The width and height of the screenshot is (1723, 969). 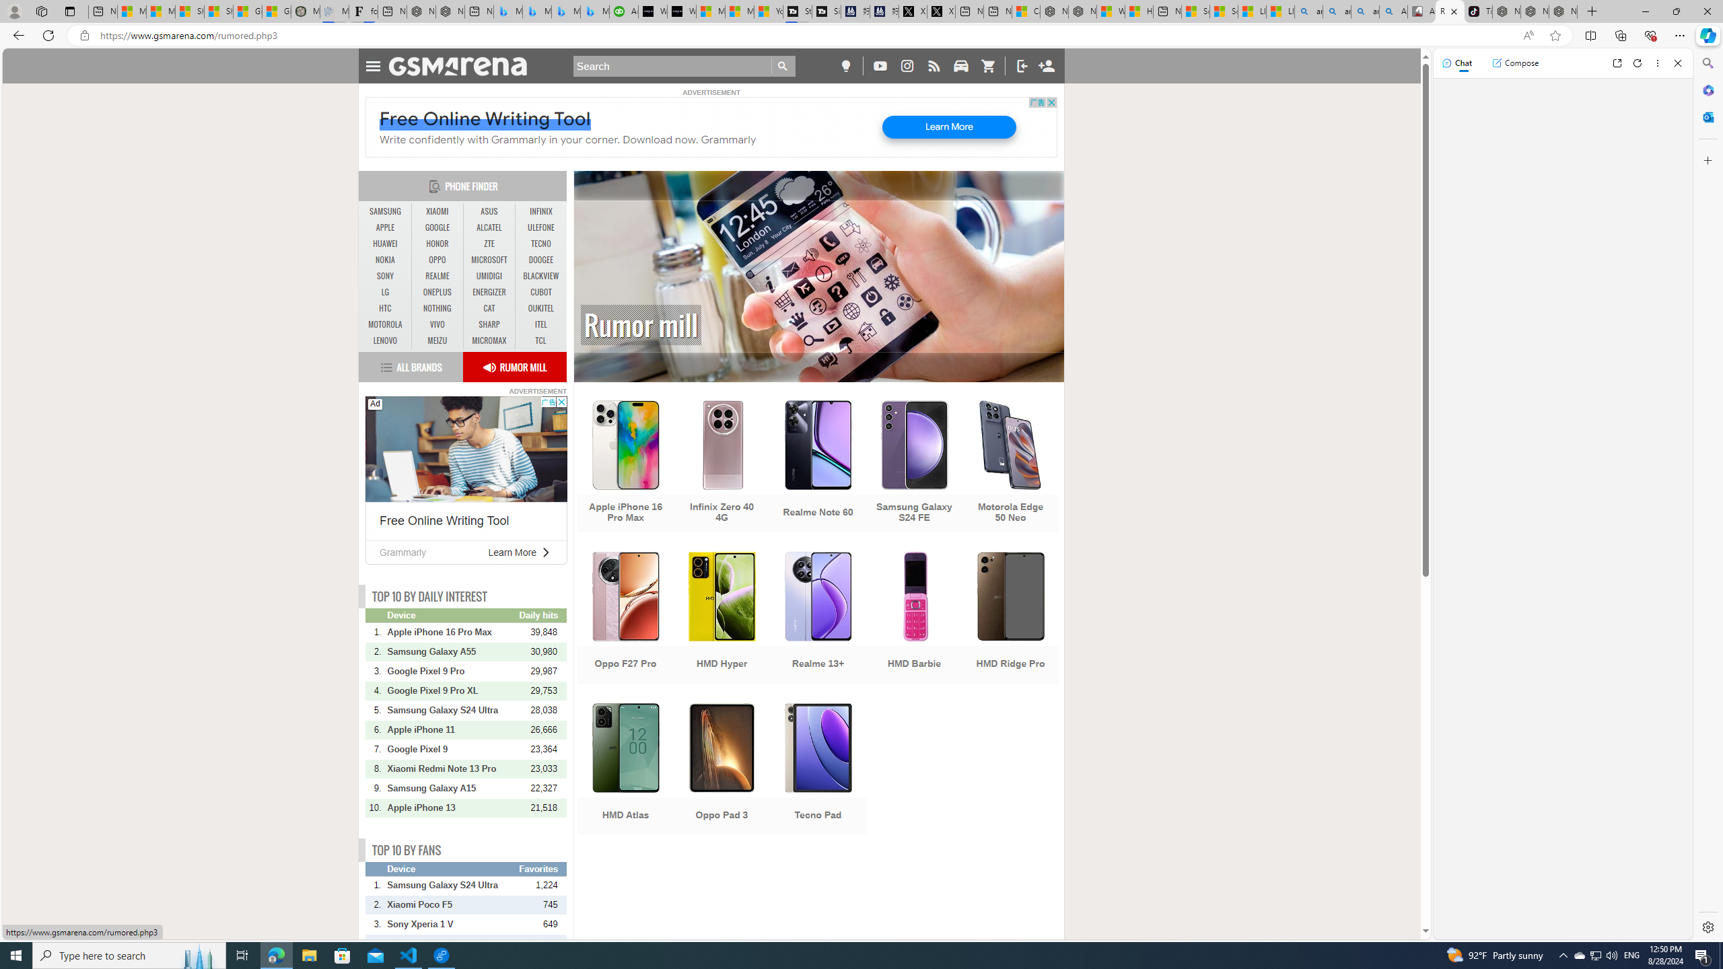 What do you see at coordinates (540, 243) in the screenshot?
I see `'TECNO'` at bounding box center [540, 243].